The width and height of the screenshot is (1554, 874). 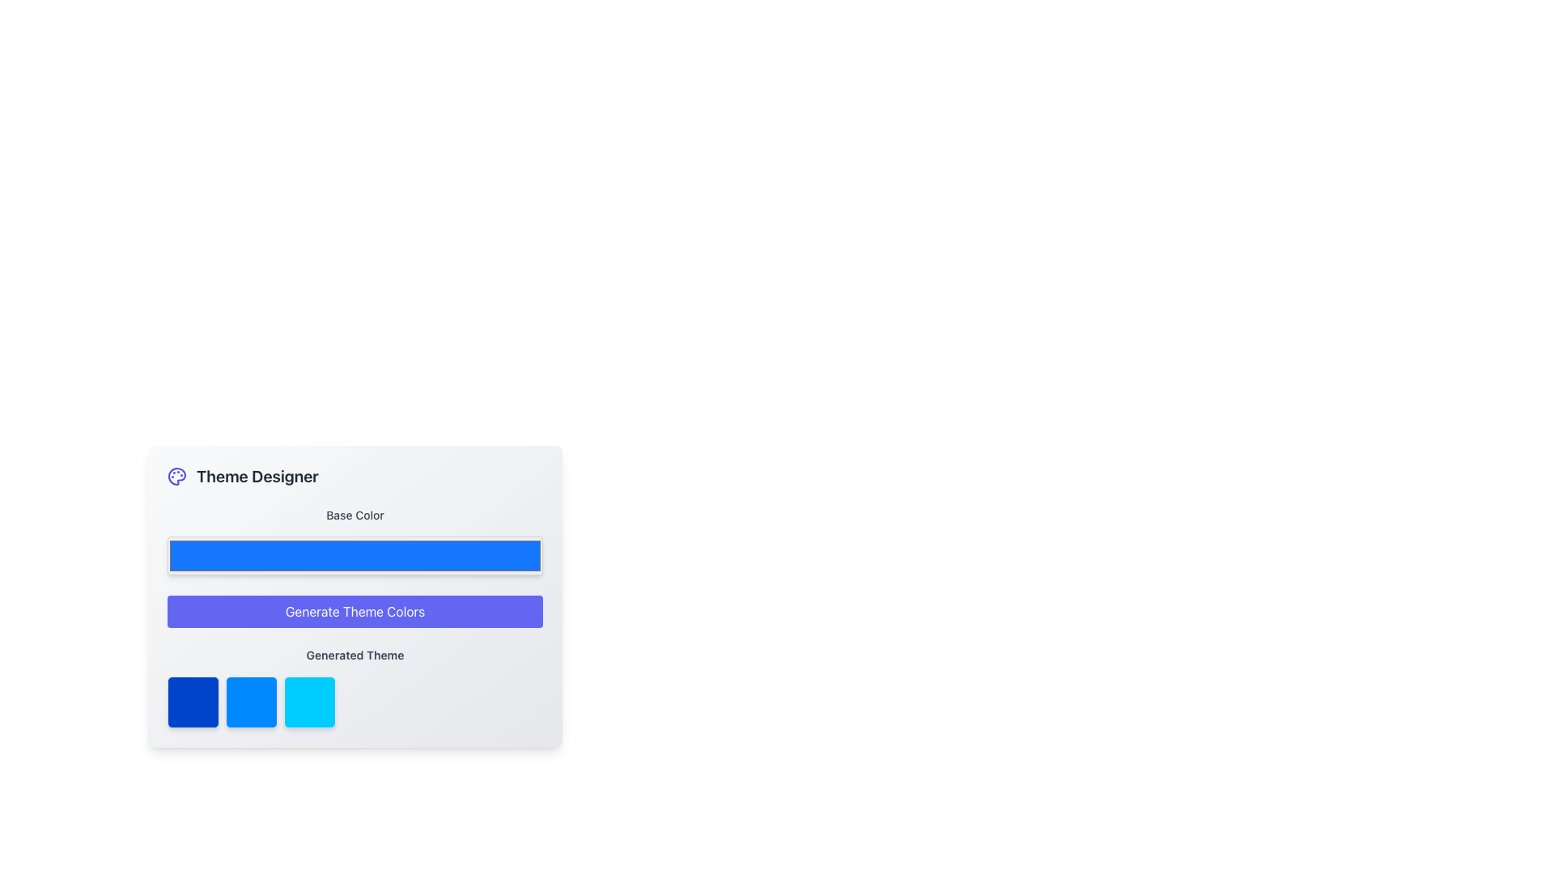 I want to click on the main circular part of the SVG palette icon located to the left of the 'Theme Designer' label using alternate input devices, so click(x=177, y=476).